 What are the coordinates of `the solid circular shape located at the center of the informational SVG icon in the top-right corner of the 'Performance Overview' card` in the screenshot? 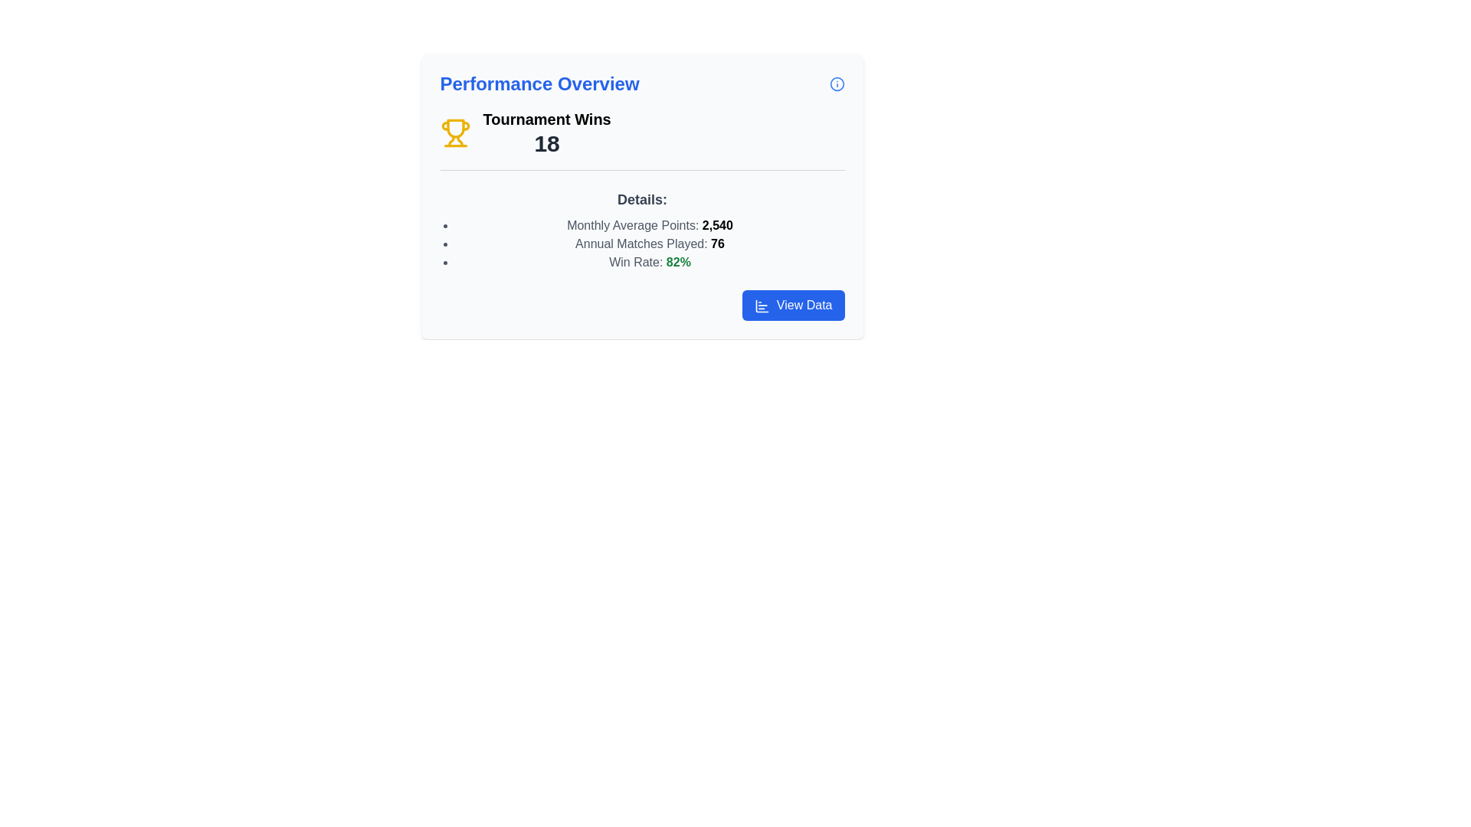 It's located at (836, 84).